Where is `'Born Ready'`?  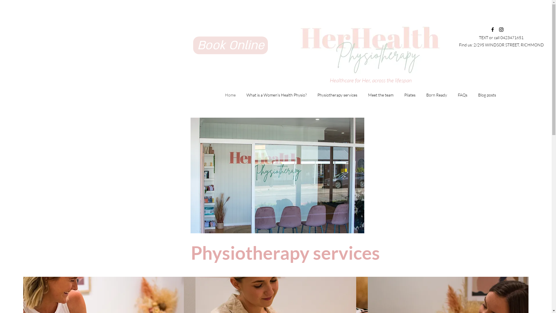
'Born Ready' is located at coordinates (436, 94).